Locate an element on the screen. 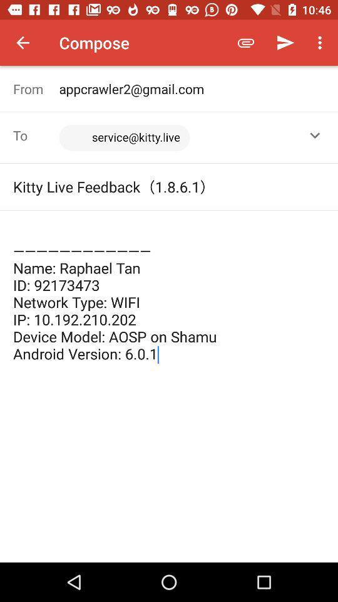 This screenshot has height=602, width=338. name raphael tan is located at coordinates (169, 293).